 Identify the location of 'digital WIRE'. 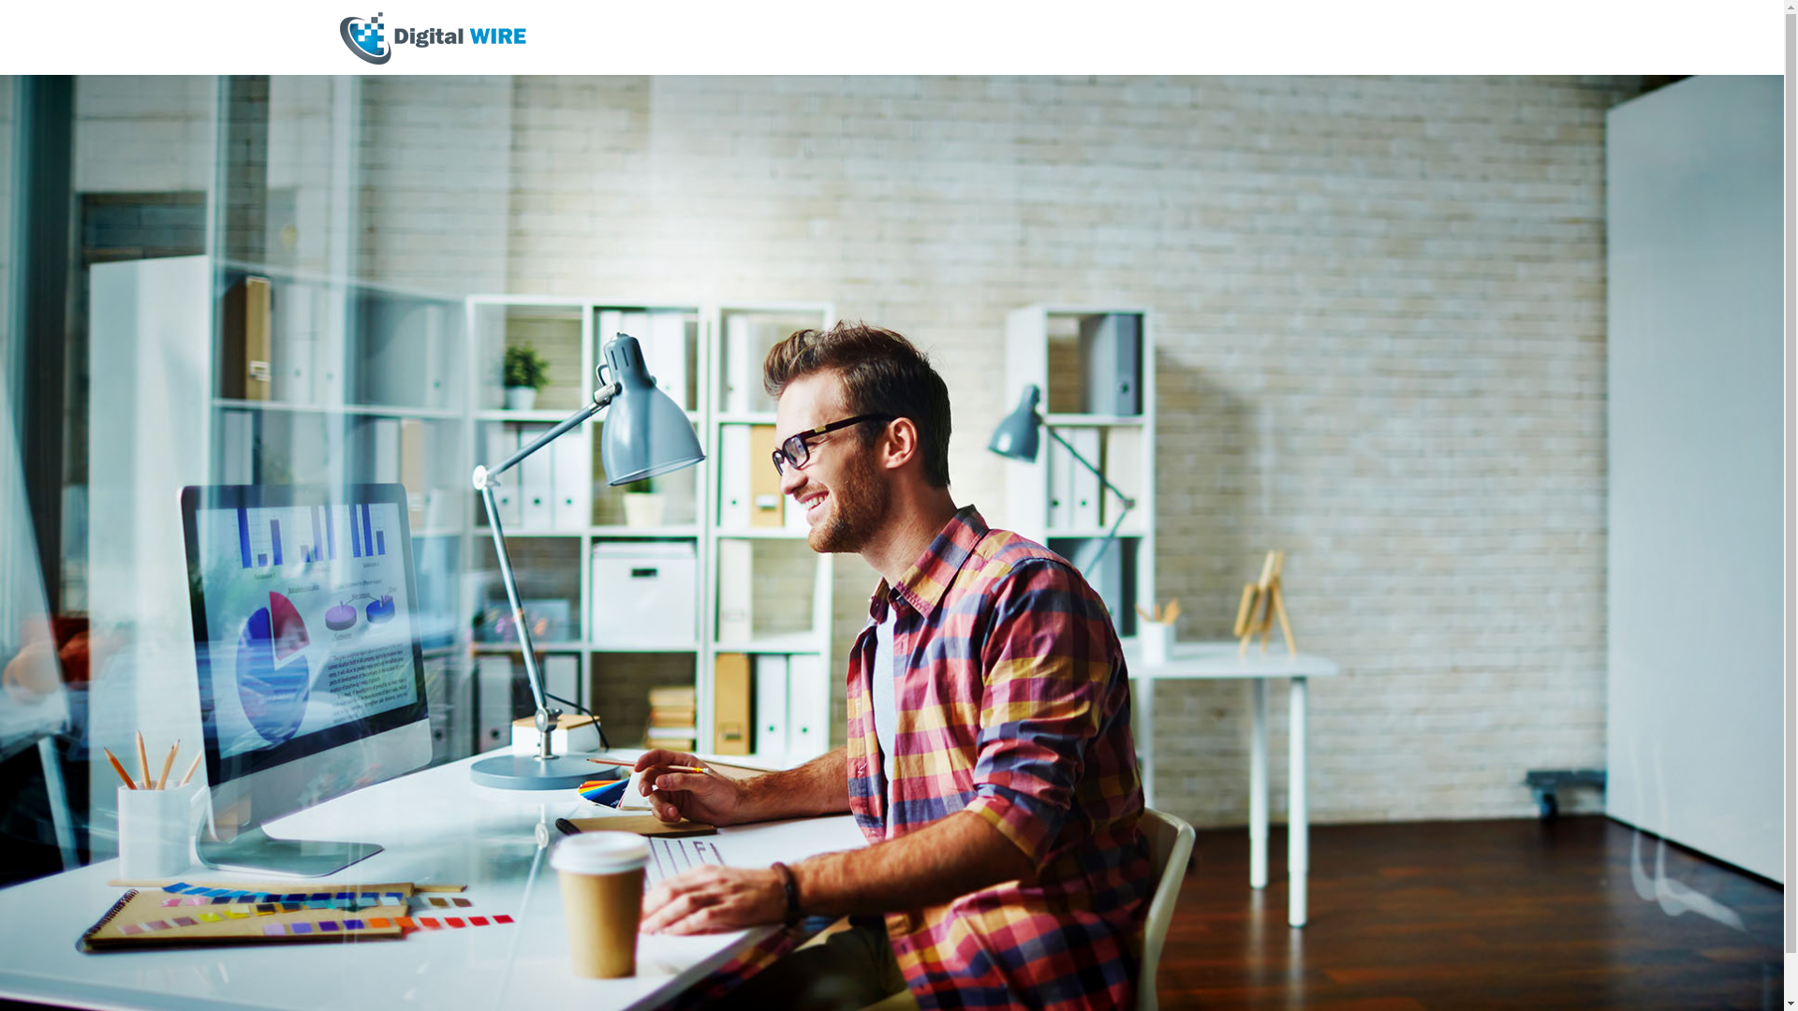
(431, 37).